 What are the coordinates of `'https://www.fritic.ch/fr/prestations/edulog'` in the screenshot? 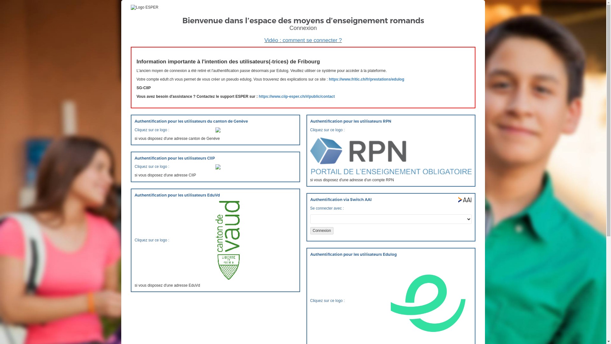 It's located at (366, 79).